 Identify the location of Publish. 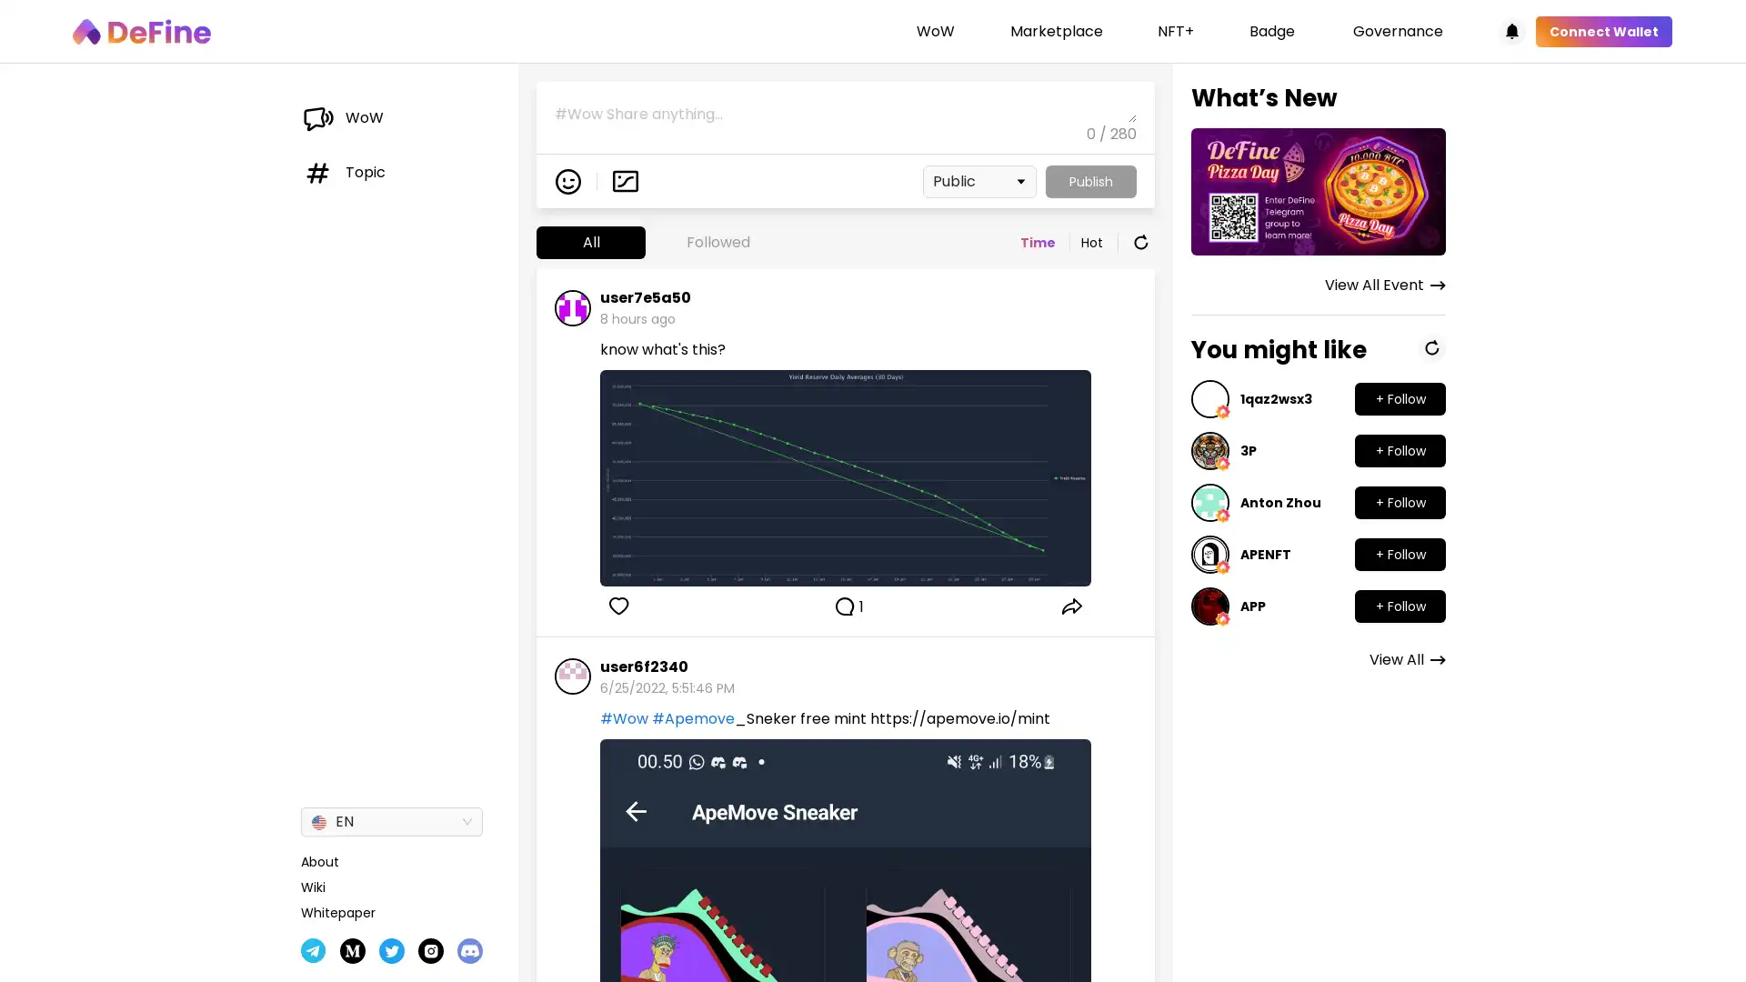
(1091, 181).